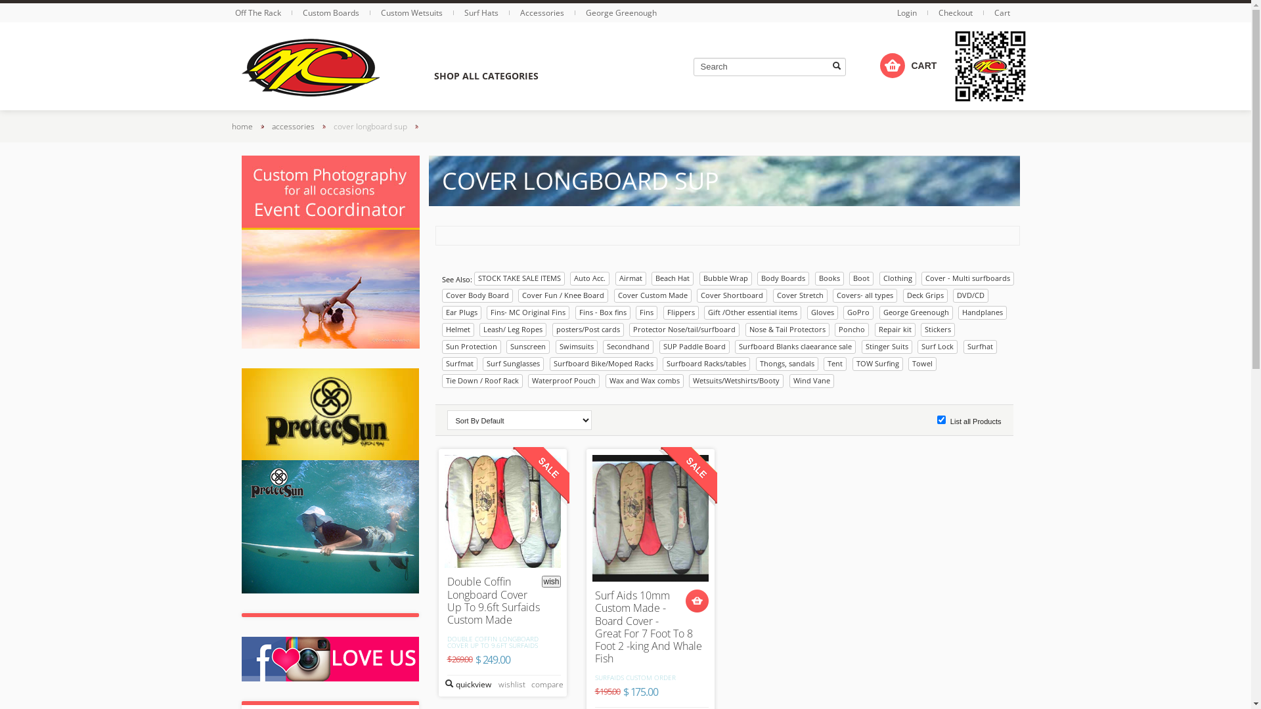 The height and width of the screenshot is (709, 1261). I want to click on 'Stinger Suits', so click(887, 346).